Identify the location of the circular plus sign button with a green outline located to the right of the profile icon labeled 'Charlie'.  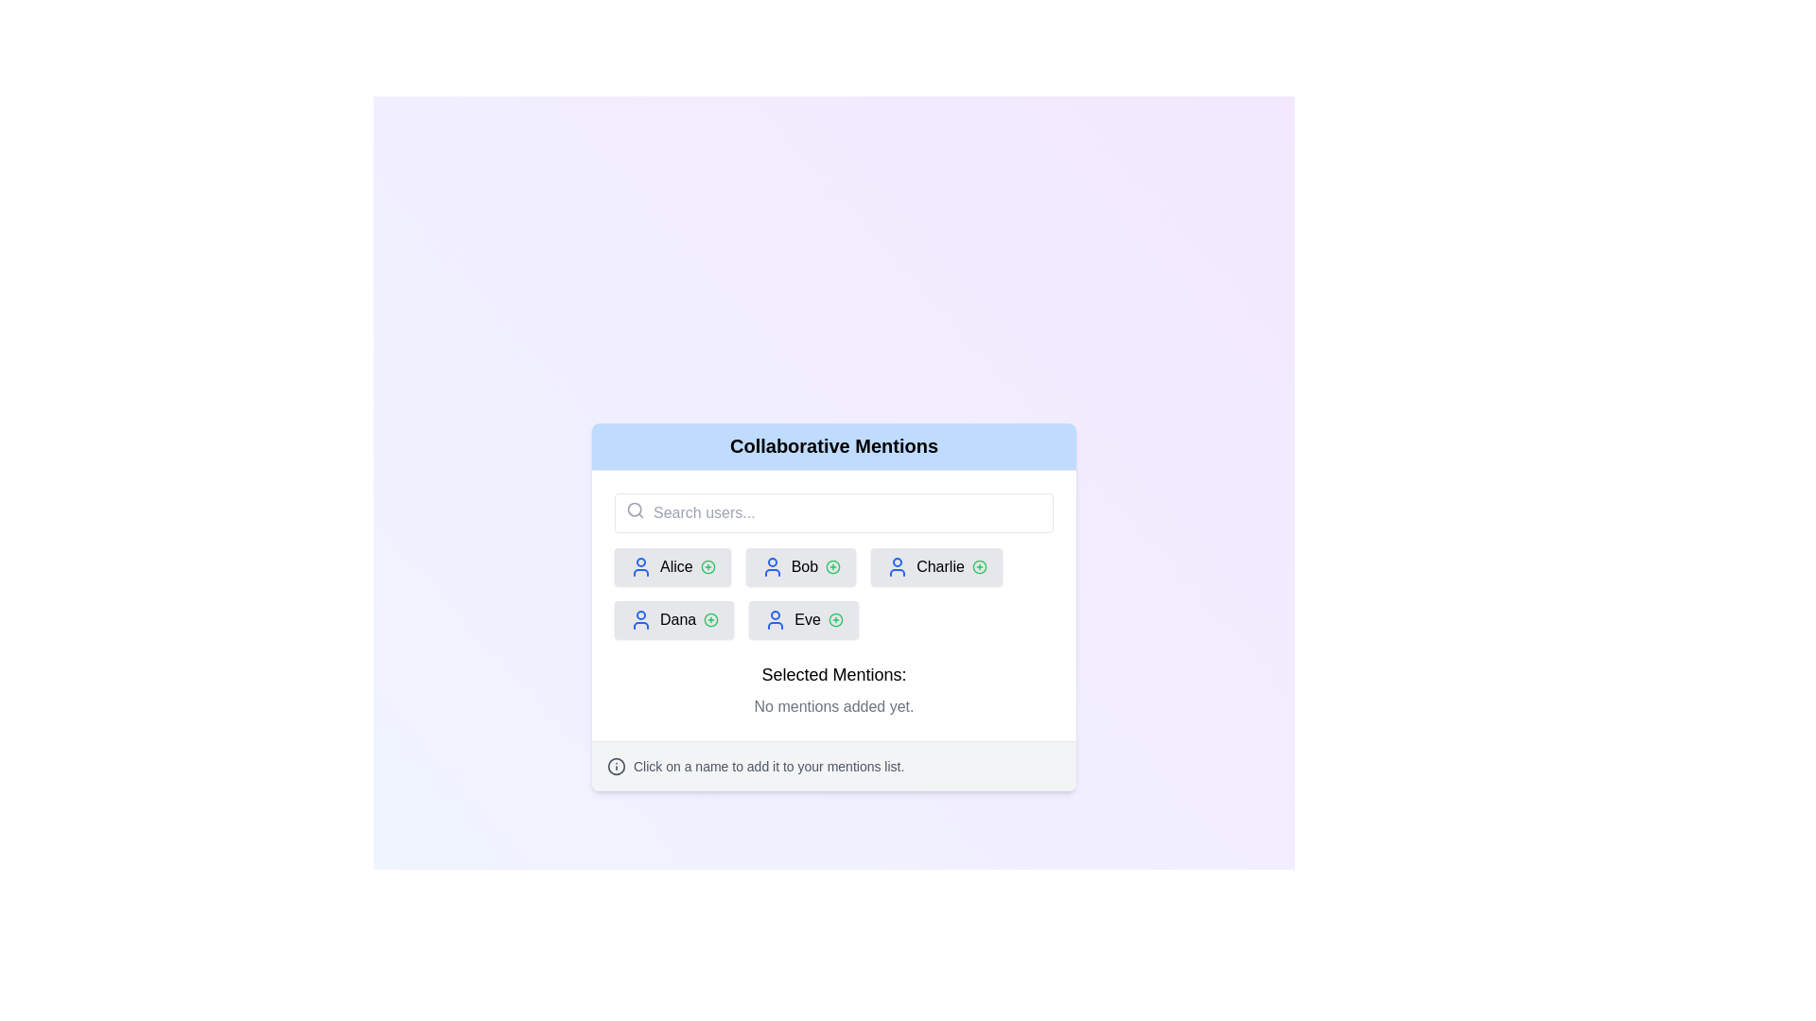
(979, 565).